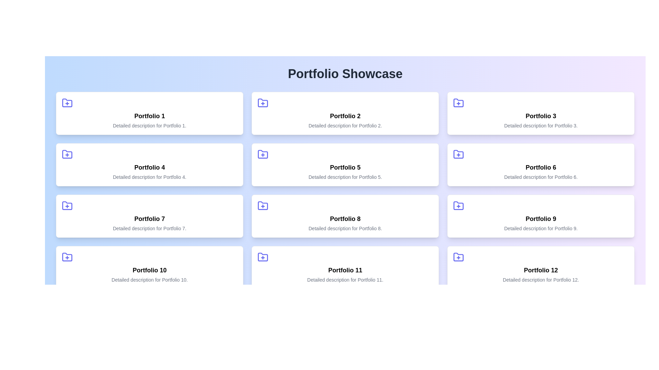 The width and height of the screenshot is (659, 370). I want to click on the text label reading 'Detailed description for Portfolio 9.' which is located beneath the title 'Portfolio 9' in the ninth card of a 3x4 grid layout, so click(540, 229).